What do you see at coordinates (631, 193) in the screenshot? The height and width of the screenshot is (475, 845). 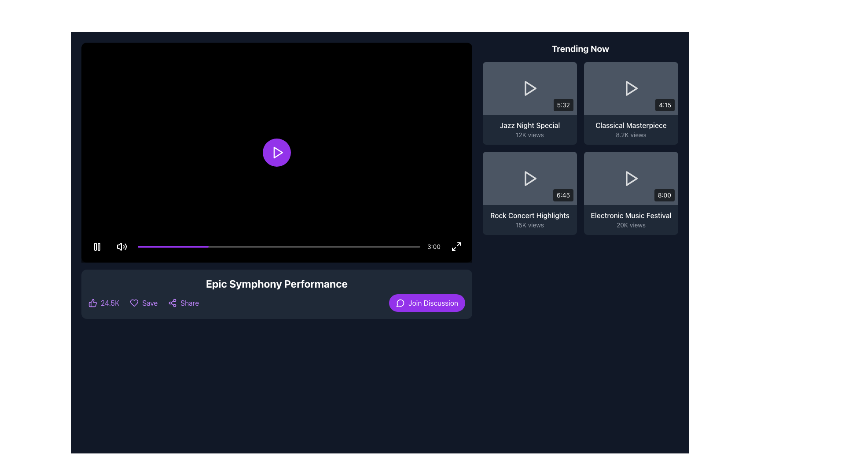 I see `the interactive card titled 'Electronic Music Festival' located` at bounding box center [631, 193].